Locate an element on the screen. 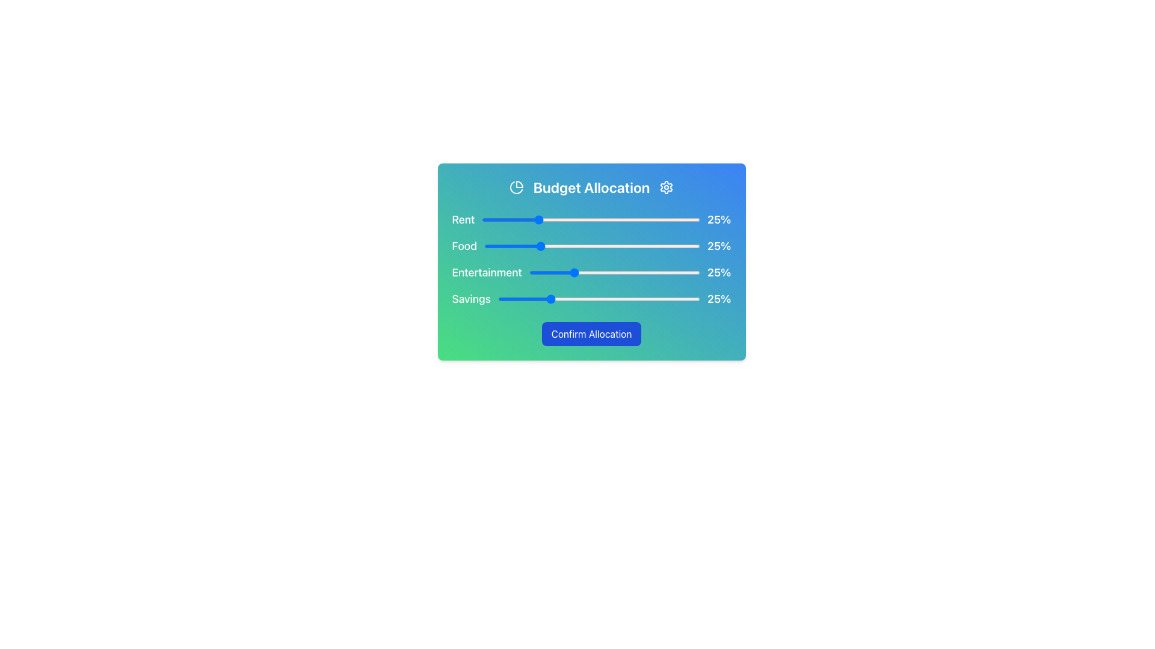  the text label displaying '25%' in white font against a blue background is located at coordinates (719, 245).